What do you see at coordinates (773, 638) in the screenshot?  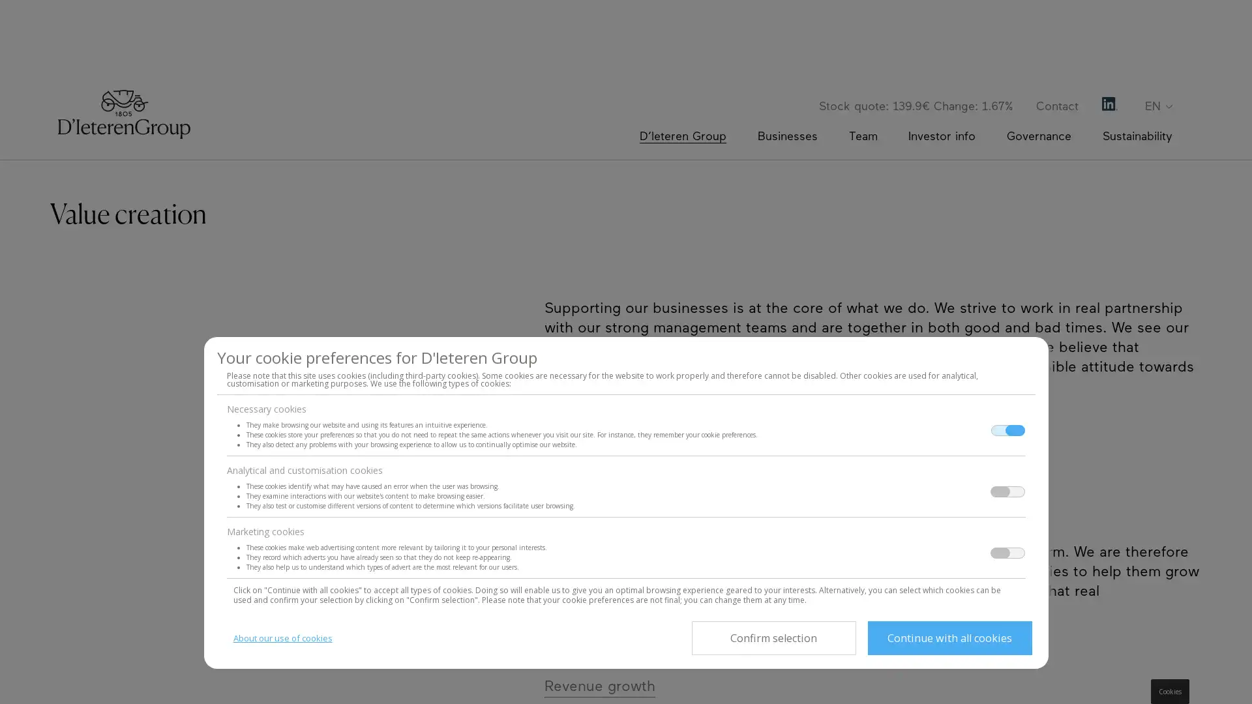 I see `Save Consent Preferences` at bounding box center [773, 638].